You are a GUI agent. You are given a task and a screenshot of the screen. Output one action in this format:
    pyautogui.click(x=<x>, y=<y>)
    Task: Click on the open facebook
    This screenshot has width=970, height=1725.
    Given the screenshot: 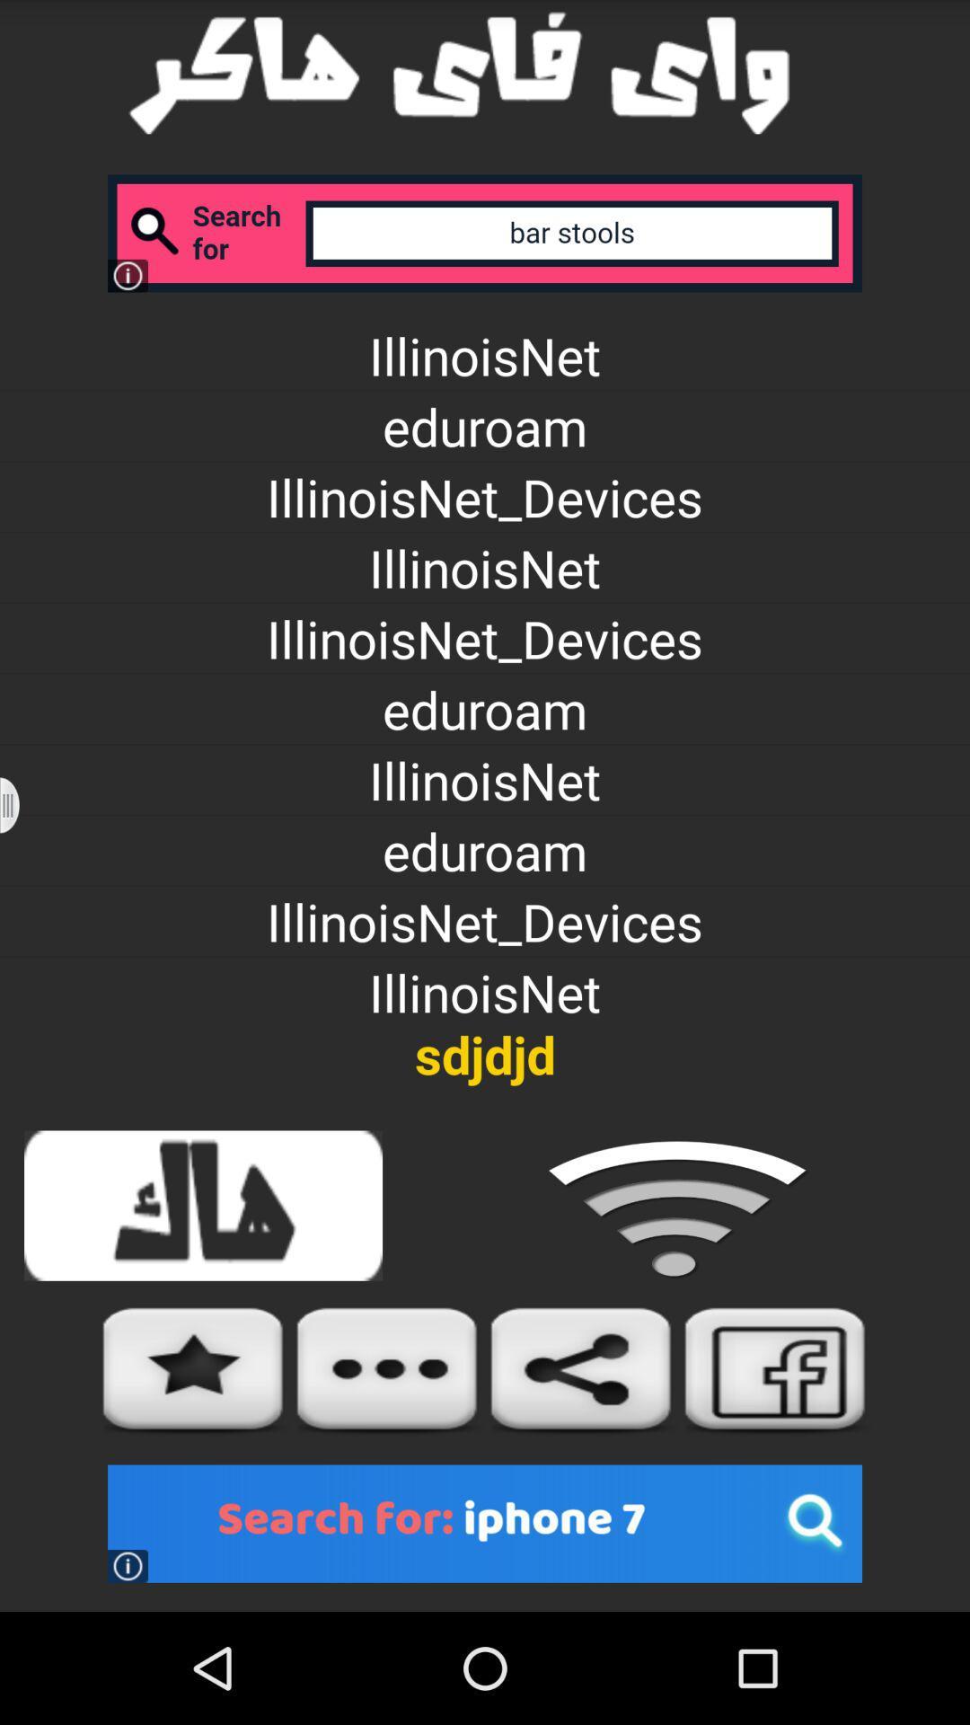 What is the action you would take?
    pyautogui.click(x=775, y=1369)
    